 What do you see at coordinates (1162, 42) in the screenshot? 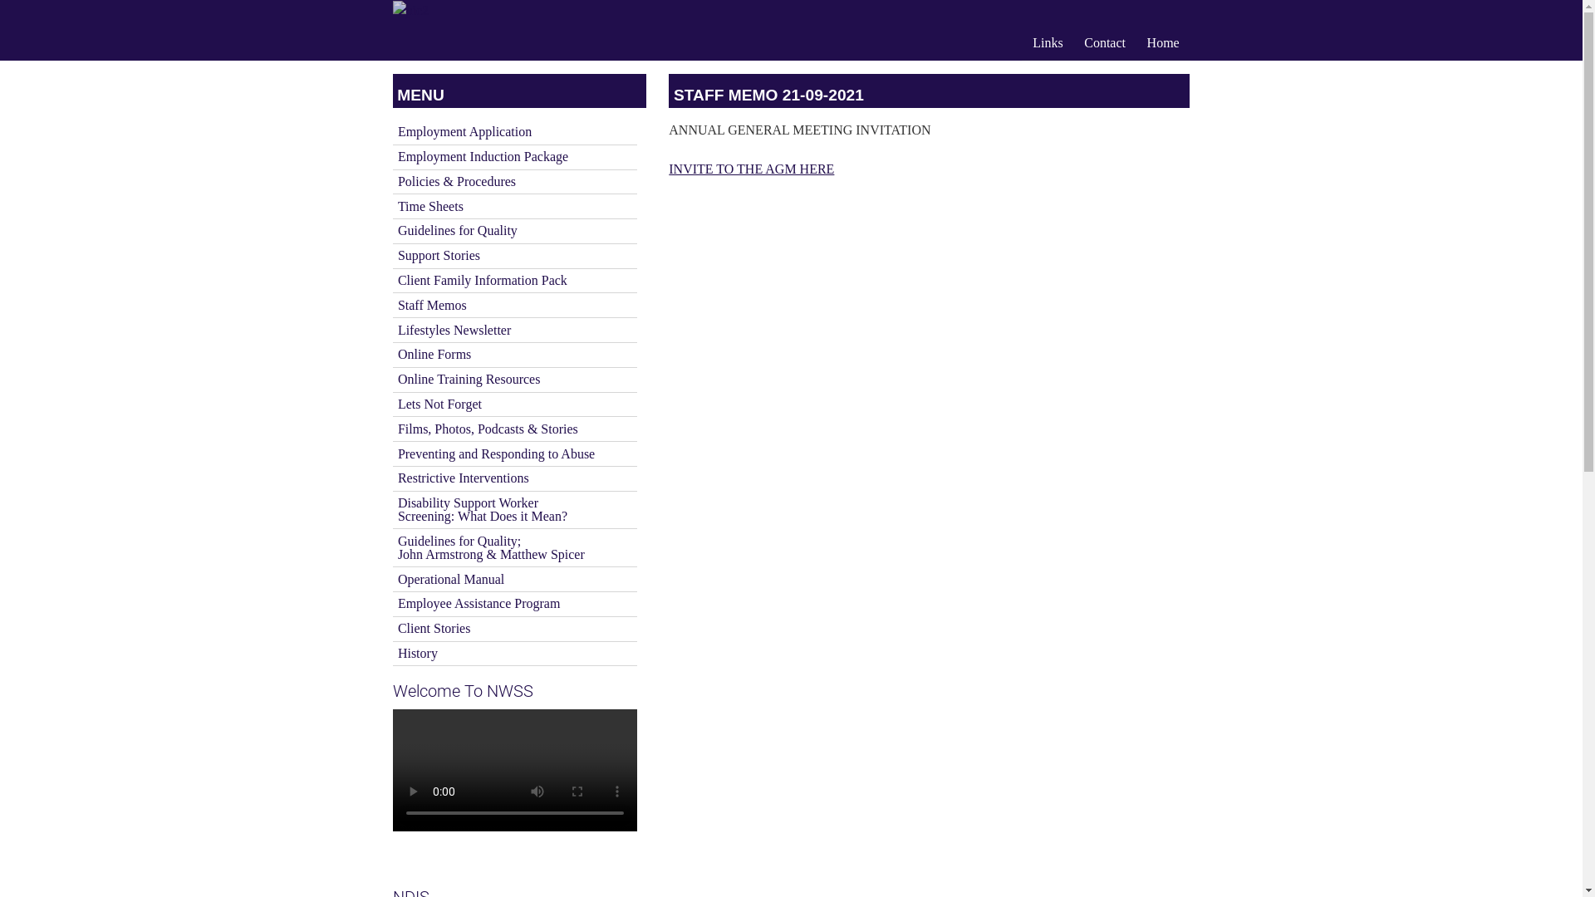
I see `'Home'` at bounding box center [1162, 42].